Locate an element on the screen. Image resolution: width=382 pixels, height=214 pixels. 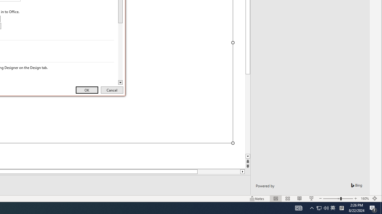
'Cancel' is located at coordinates (112, 90).